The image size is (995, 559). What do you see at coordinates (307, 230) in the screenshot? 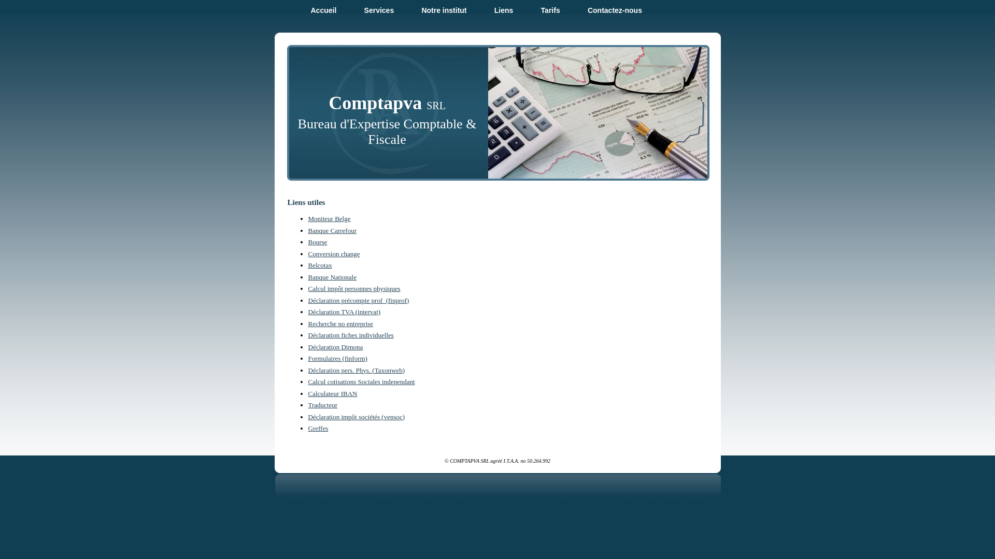
I see `'Banque Carrefour'` at bounding box center [307, 230].